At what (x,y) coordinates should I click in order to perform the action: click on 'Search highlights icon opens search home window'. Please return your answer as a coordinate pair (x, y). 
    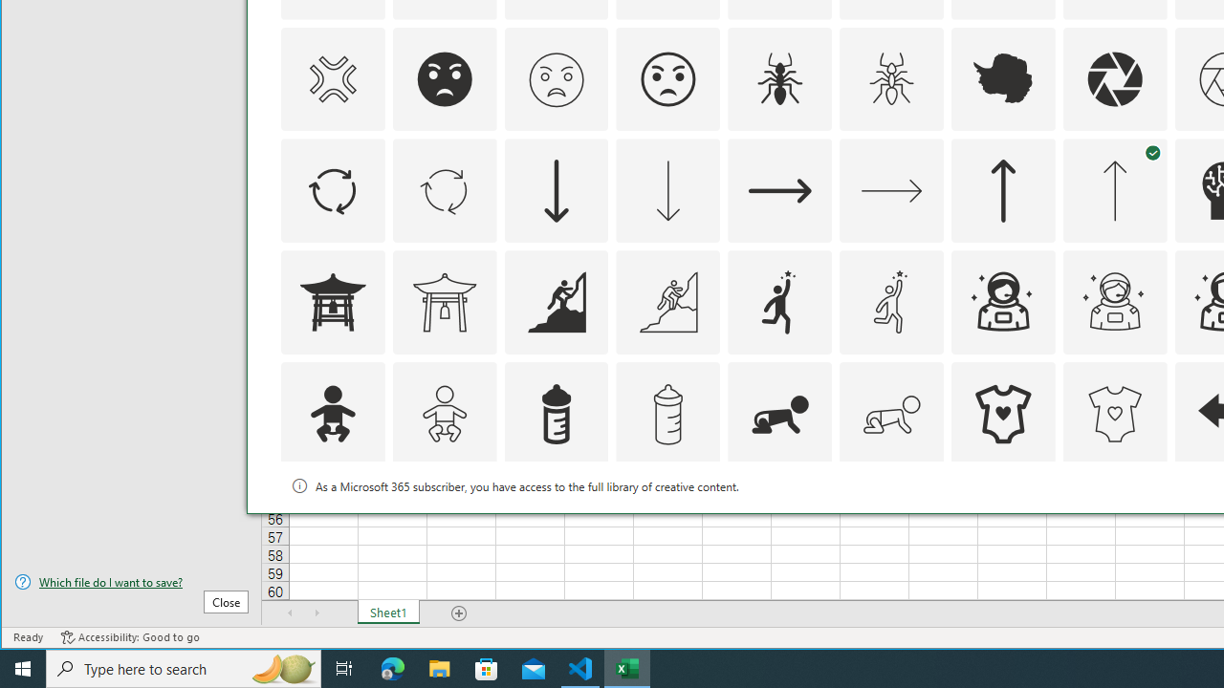
    Looking at the image, I should click on (281, 667).